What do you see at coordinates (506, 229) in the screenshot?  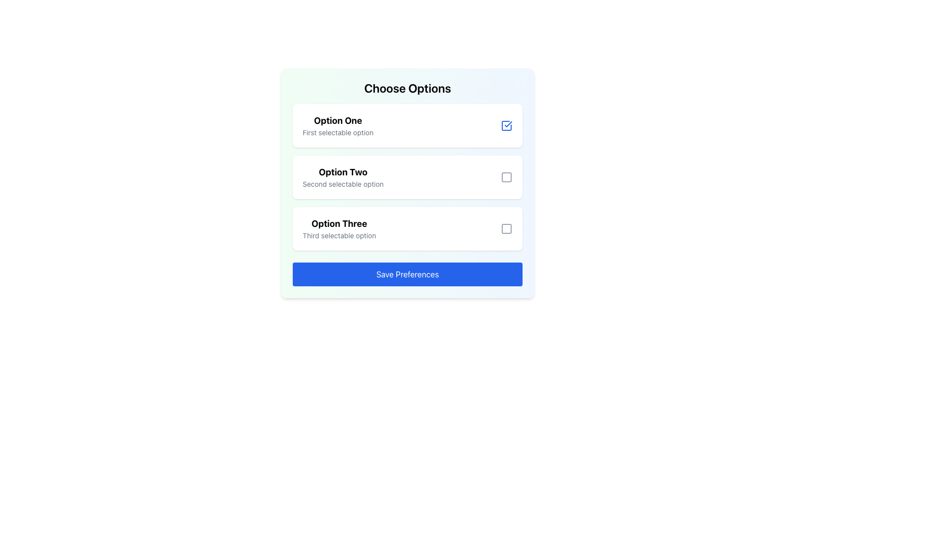 I see `the square-shaped checkbox-like icon located on the far-right side of the 'Option Three' option in the options list` at bounding box center [506, 229].